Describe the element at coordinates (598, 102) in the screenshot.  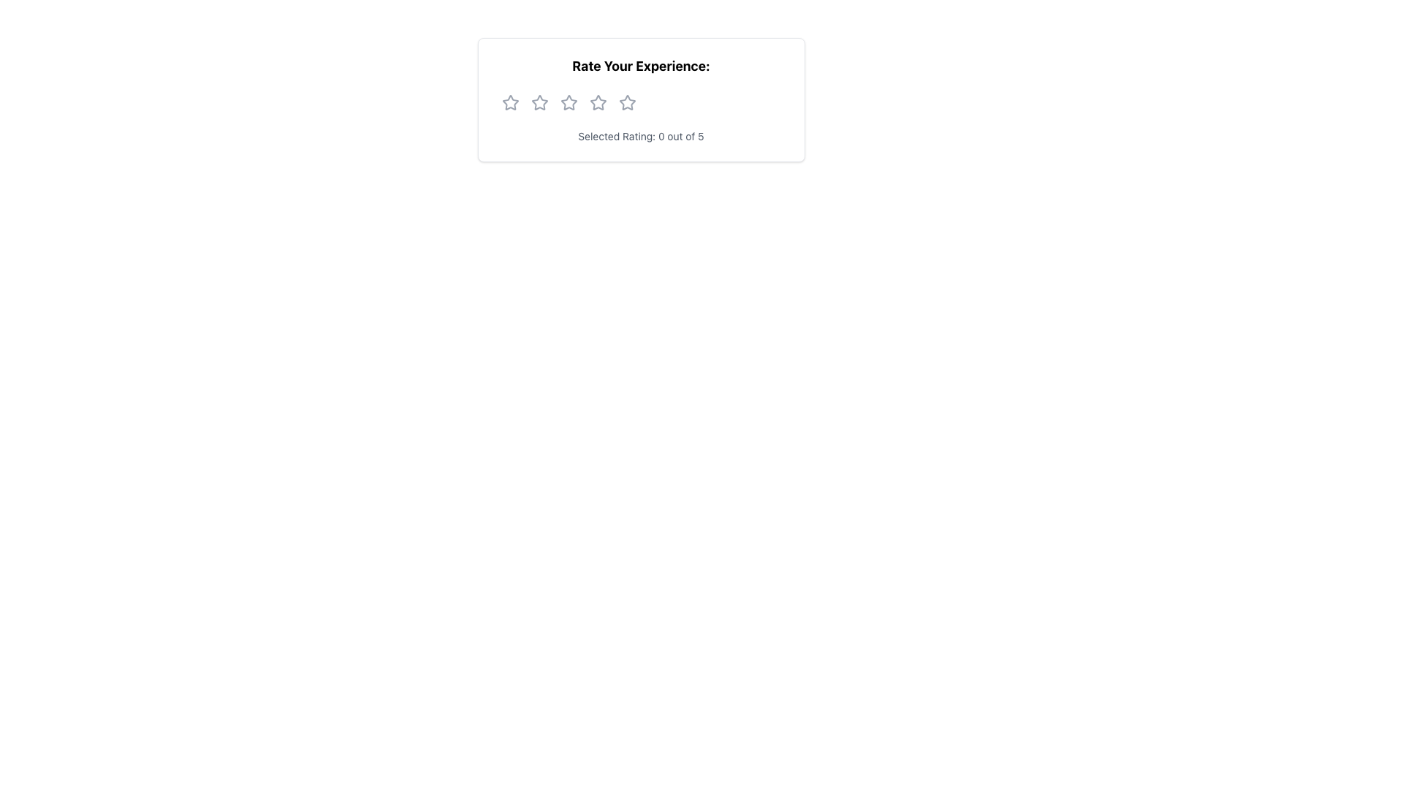
I see `the fourth star in the horizontal rating bar below the 'Rate Your Experience:' heading` at that location.